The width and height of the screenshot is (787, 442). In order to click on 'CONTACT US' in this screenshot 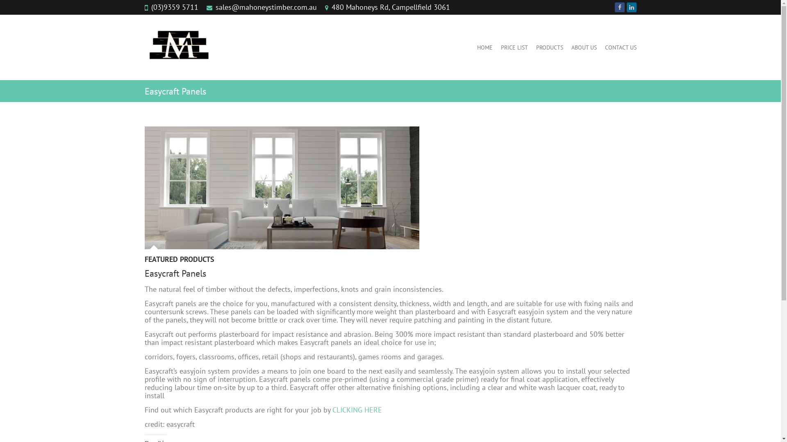, I will do `click(621, 47)`.